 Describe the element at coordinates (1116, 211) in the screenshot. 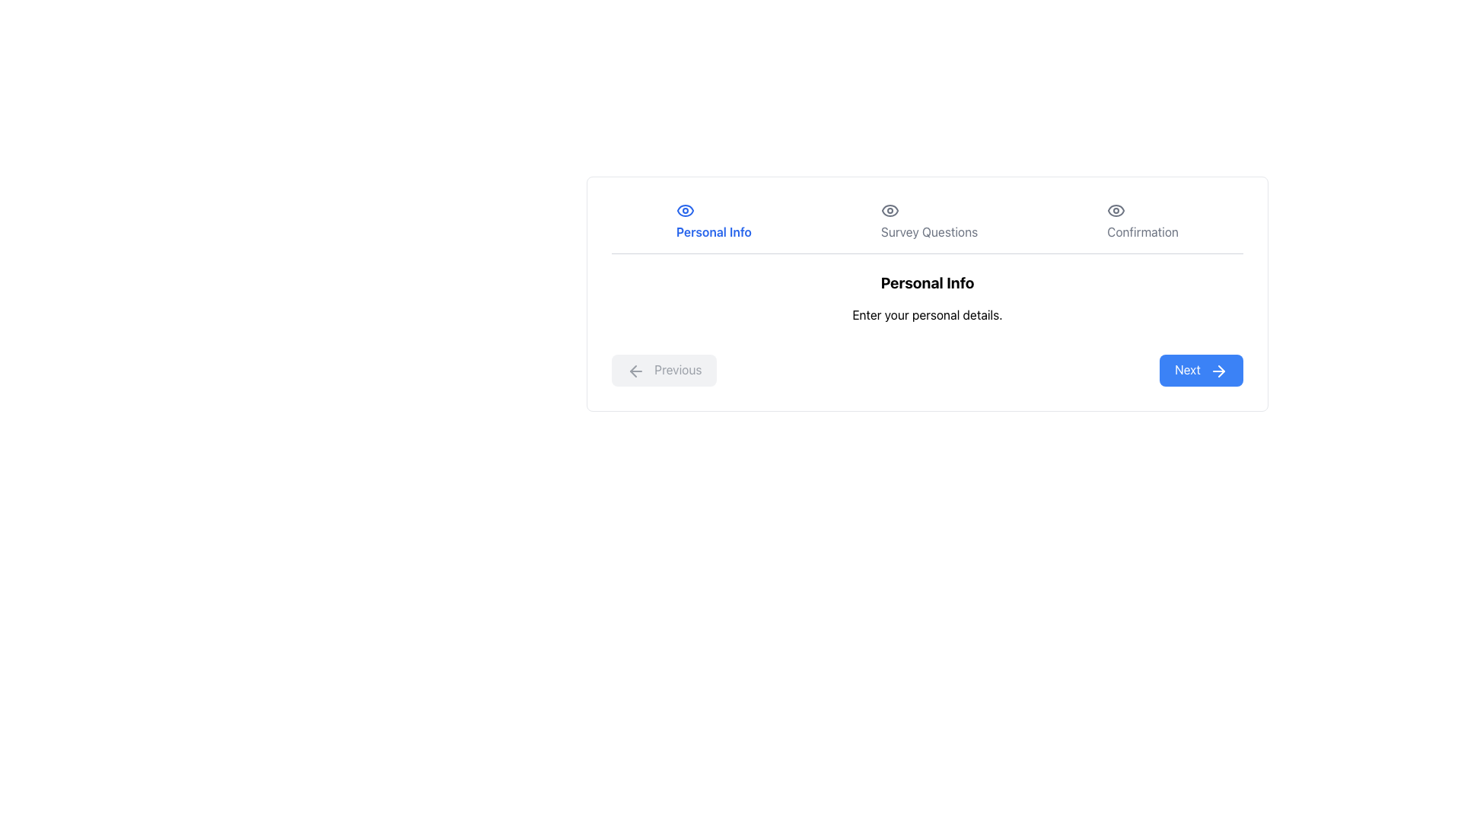

I see `the 'Confirmation' icon, which serves as a visual indicator in the multi-step process navigation section at the top of the layout` at that location.